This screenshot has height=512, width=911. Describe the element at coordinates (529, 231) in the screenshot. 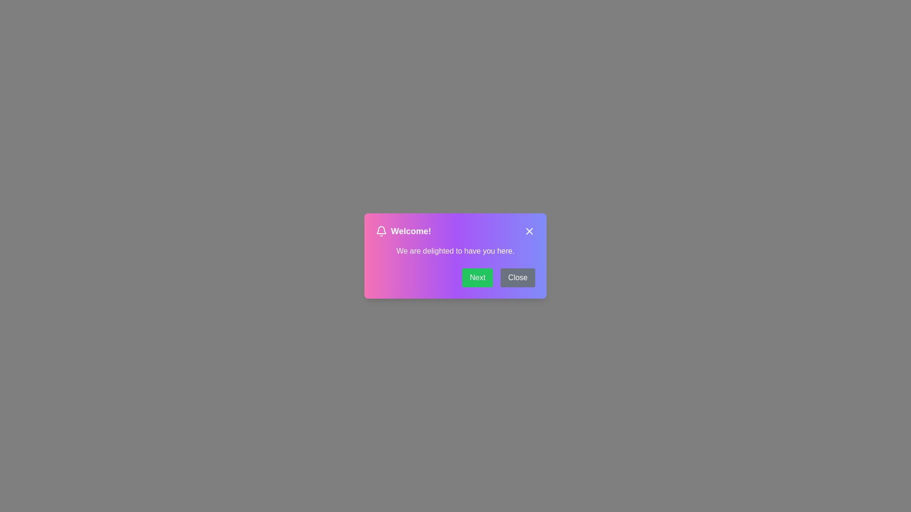

I see `the 'Close' button to close the notification dialog` at that location.